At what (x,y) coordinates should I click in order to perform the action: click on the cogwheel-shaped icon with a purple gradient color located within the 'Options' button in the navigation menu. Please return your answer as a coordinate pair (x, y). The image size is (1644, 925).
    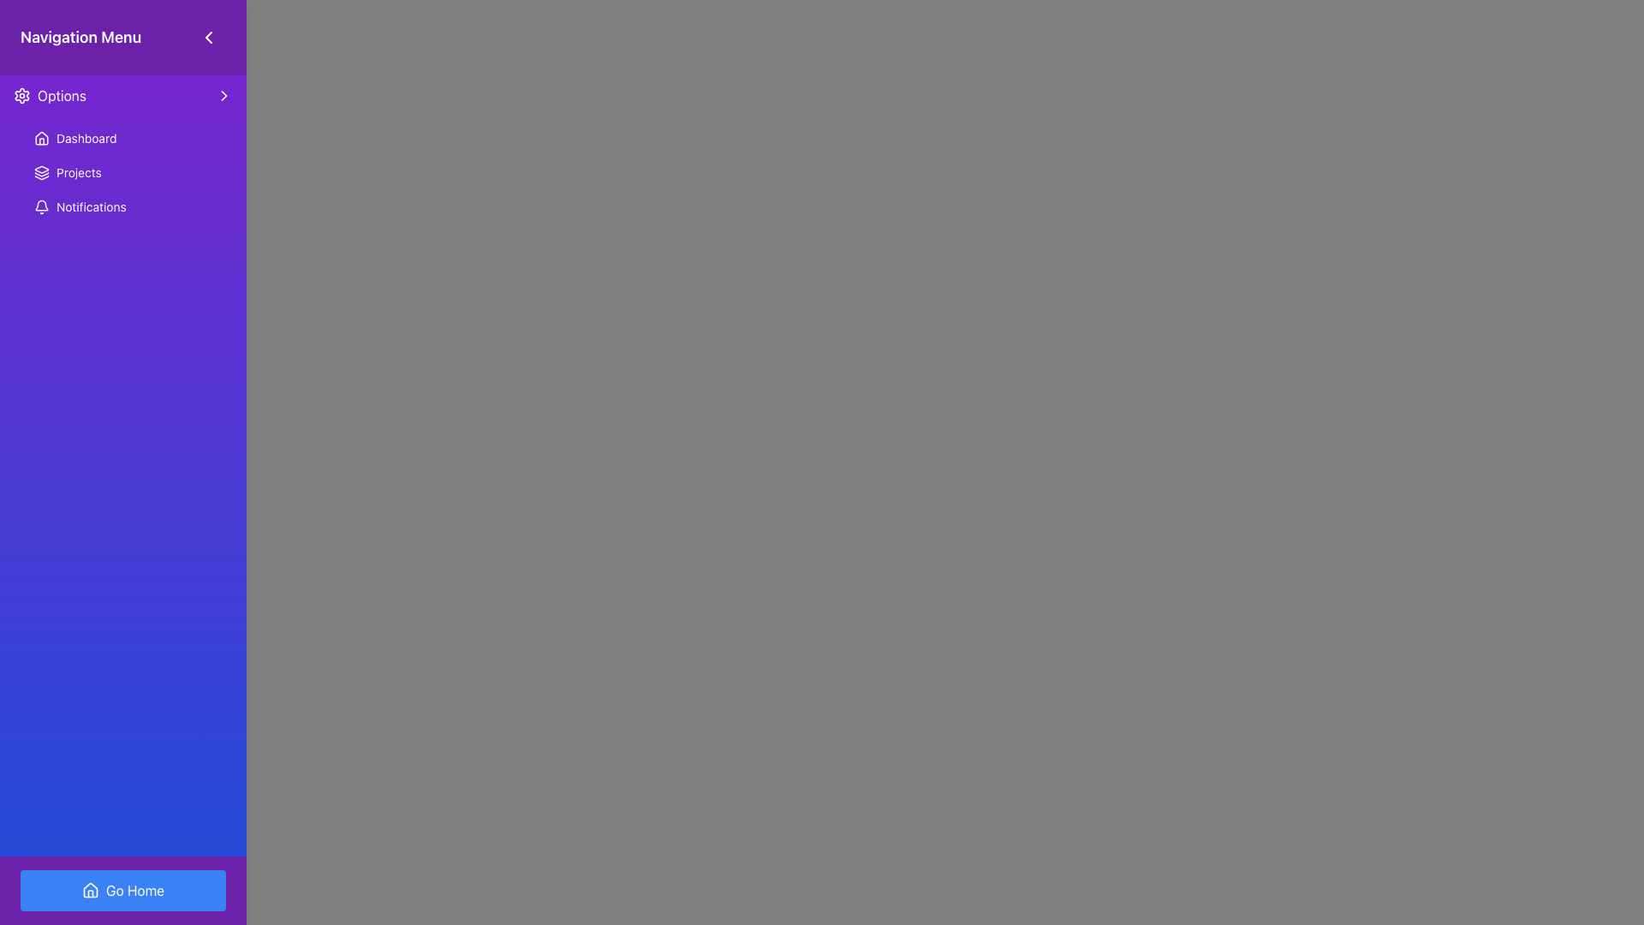
    Looking at the image, I should click on (21, 95).